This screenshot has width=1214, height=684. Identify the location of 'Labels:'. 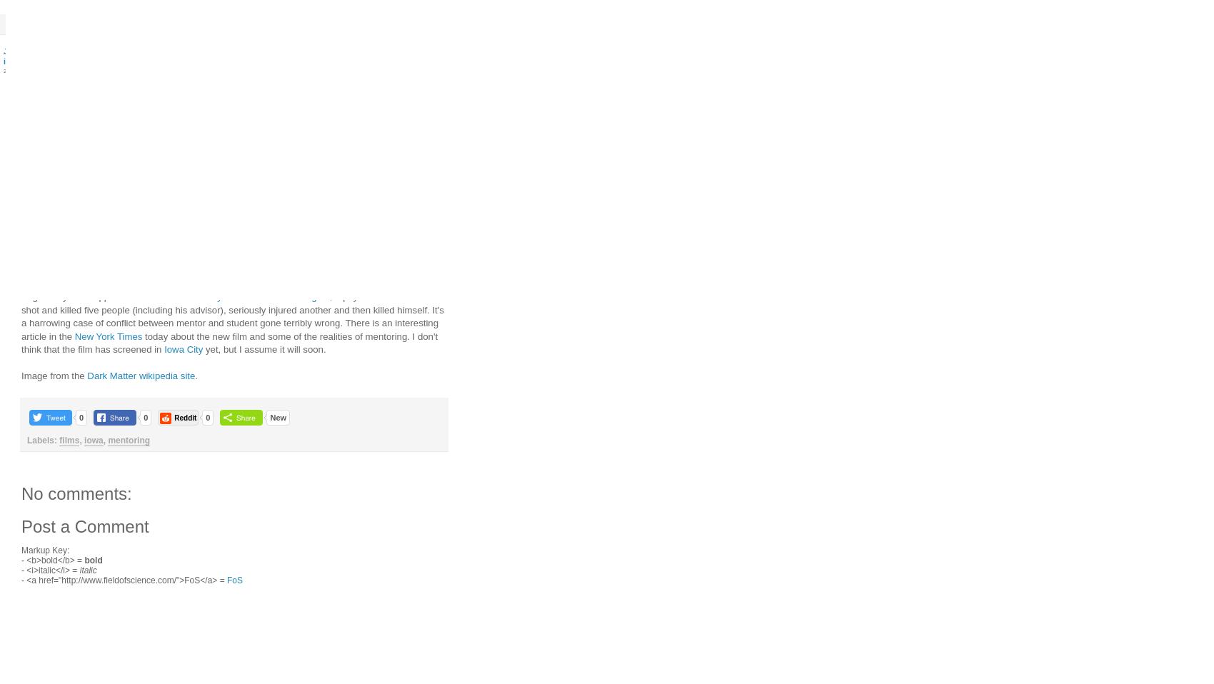
(27, 439).